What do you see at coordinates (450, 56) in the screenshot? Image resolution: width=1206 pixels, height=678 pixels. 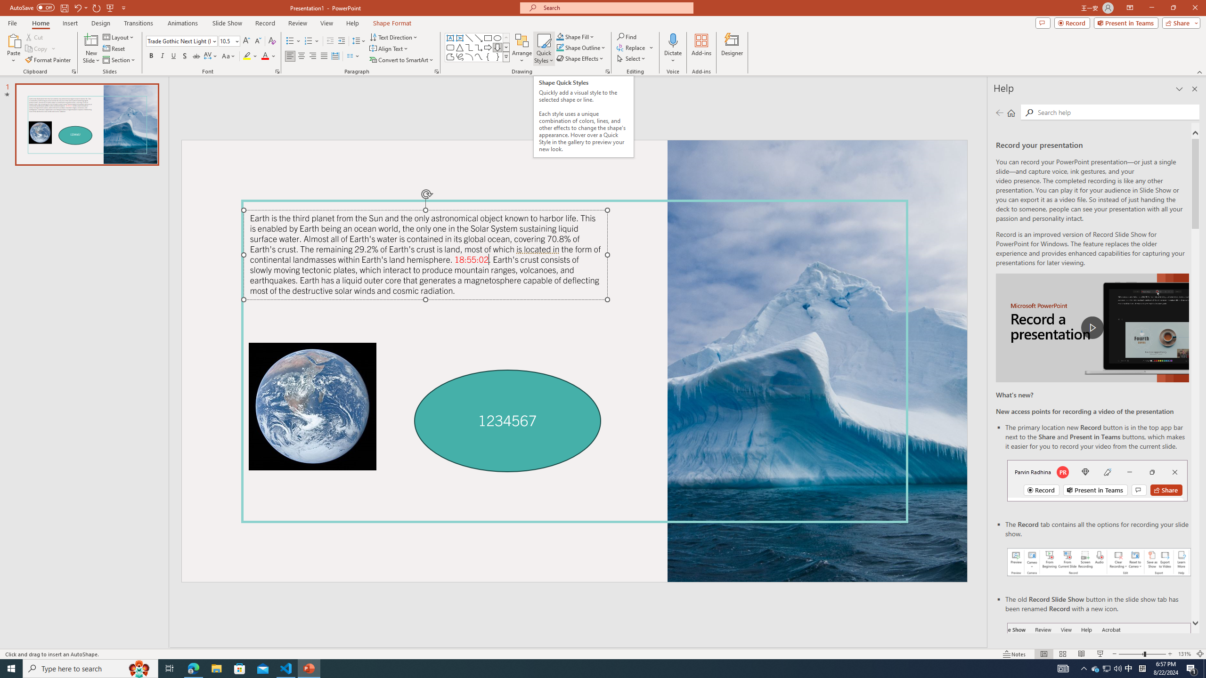 I see `'Freeform: Shape'` at bounding box center [450, 56].